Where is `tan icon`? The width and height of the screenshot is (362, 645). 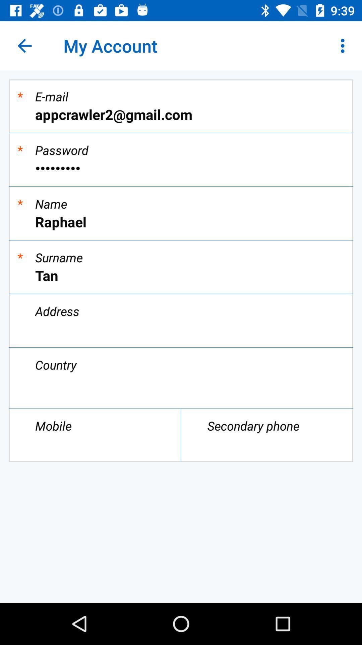
tan icon is located at coordinates (181, 275).